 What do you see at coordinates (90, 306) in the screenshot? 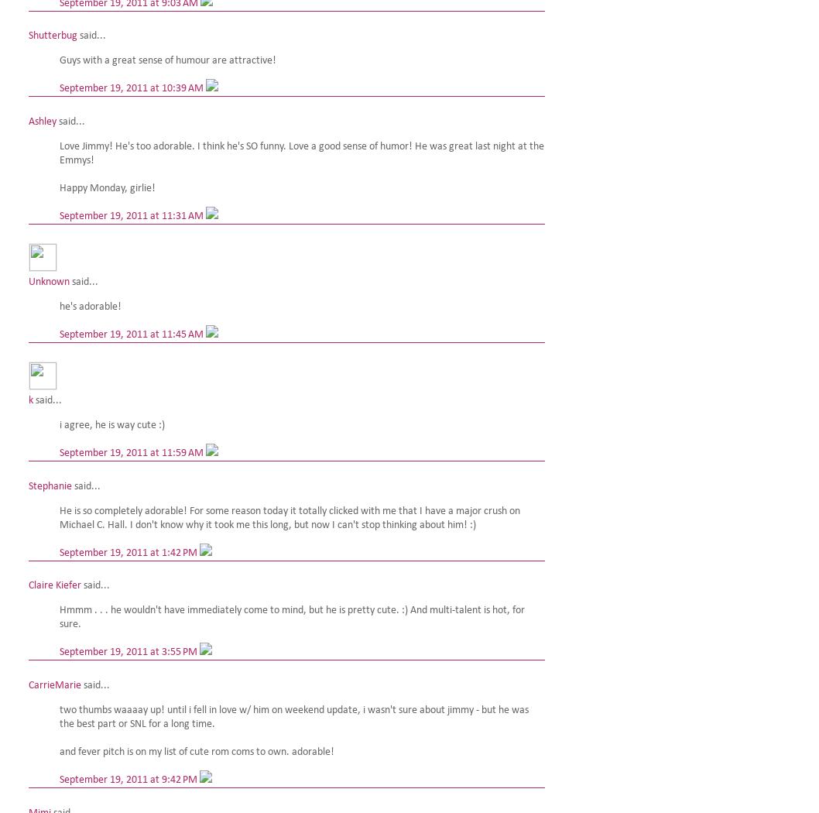
I see `'he's adorable!'` at bounding box center [90, 306].